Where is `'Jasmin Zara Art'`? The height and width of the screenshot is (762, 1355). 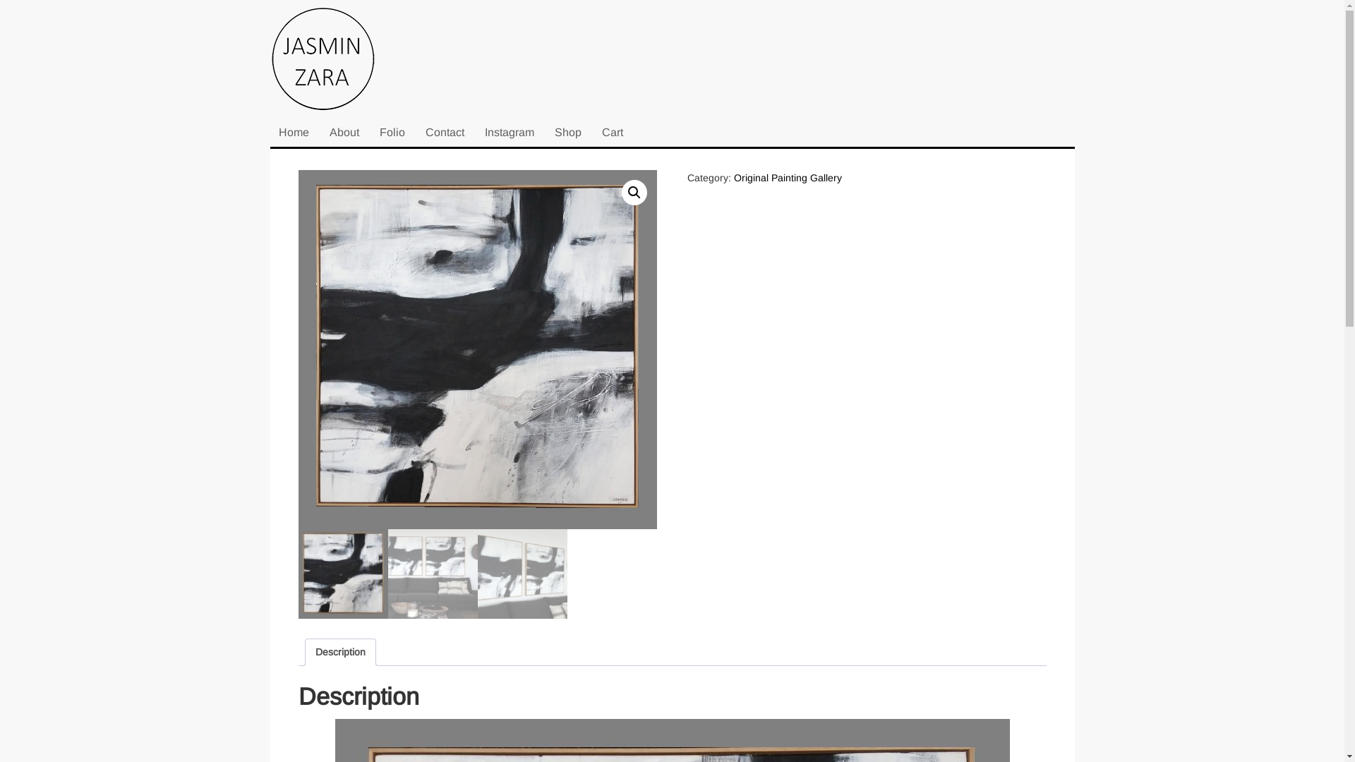
'Jasmin Zara Art' is located at coordinates (339, 61).